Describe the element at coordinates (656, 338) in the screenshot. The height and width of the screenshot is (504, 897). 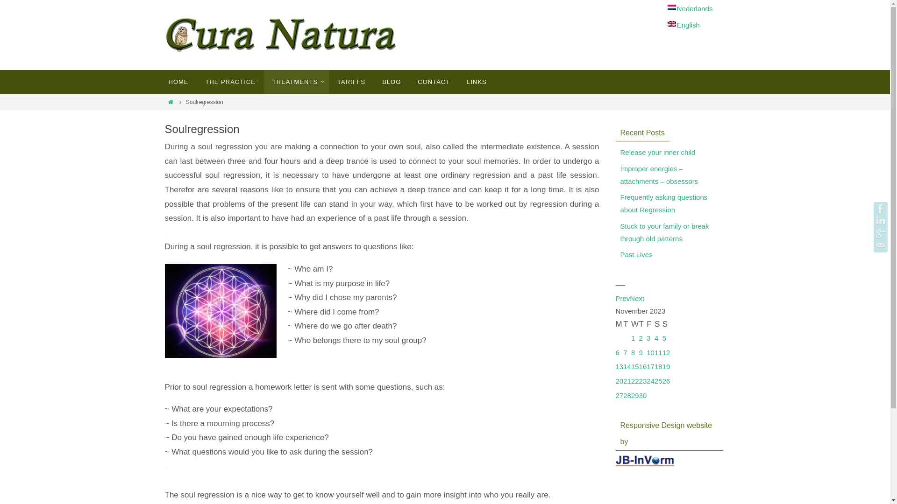
I see `'4'` at that location.